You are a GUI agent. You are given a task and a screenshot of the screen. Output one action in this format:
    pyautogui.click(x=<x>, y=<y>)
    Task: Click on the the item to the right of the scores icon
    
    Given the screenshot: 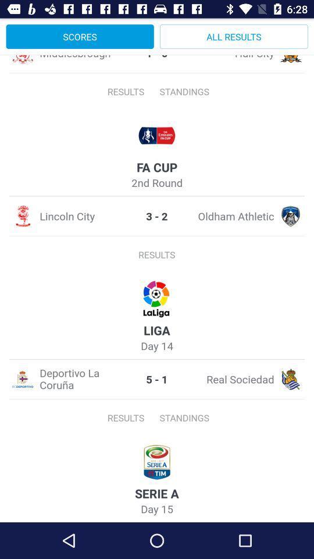 What is the action you would take?
    pyautogui.click(x=234, y=36)
    